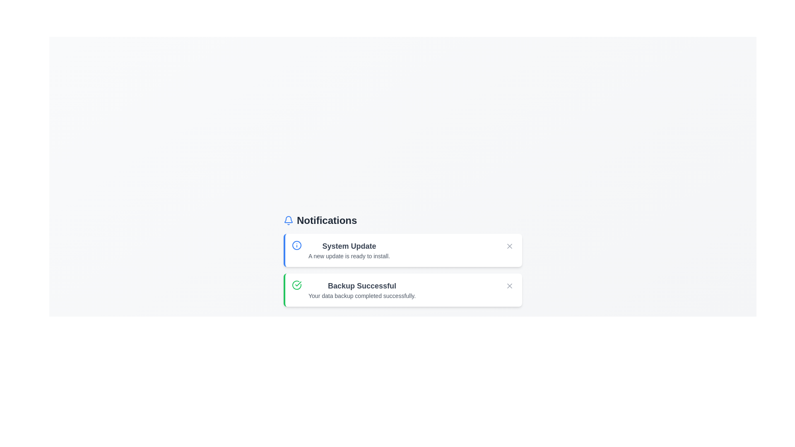 The width and height of the screenshot is (795, 447). What do you see at coordinates (349, 255) in the screenshot?
I see `the text label reading 'A new update is ready to install.' which is styled in gray and positioned below 'System Update' in the top notification card` at bounding box center [349, 255].